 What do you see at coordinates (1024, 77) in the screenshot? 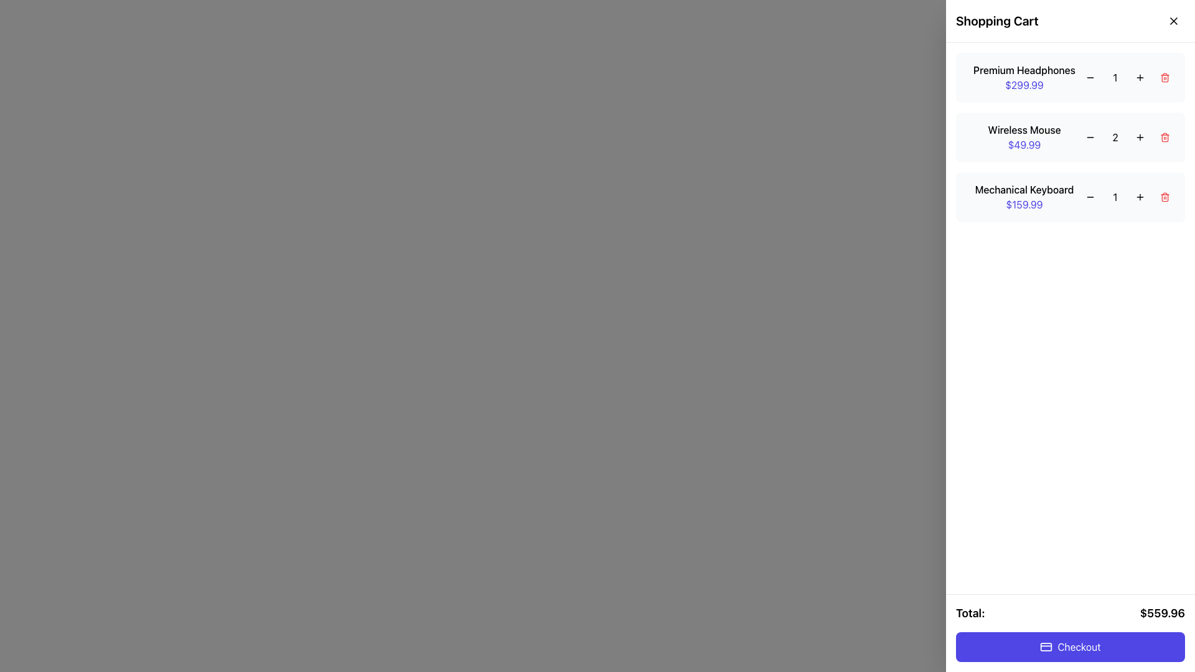
I see `the textual information block displaying 'Premium Headphones' with the price '$299.99' in the shopping cart section, which is located at the uppermost position of the item list` at bounding box center [1024, 77].